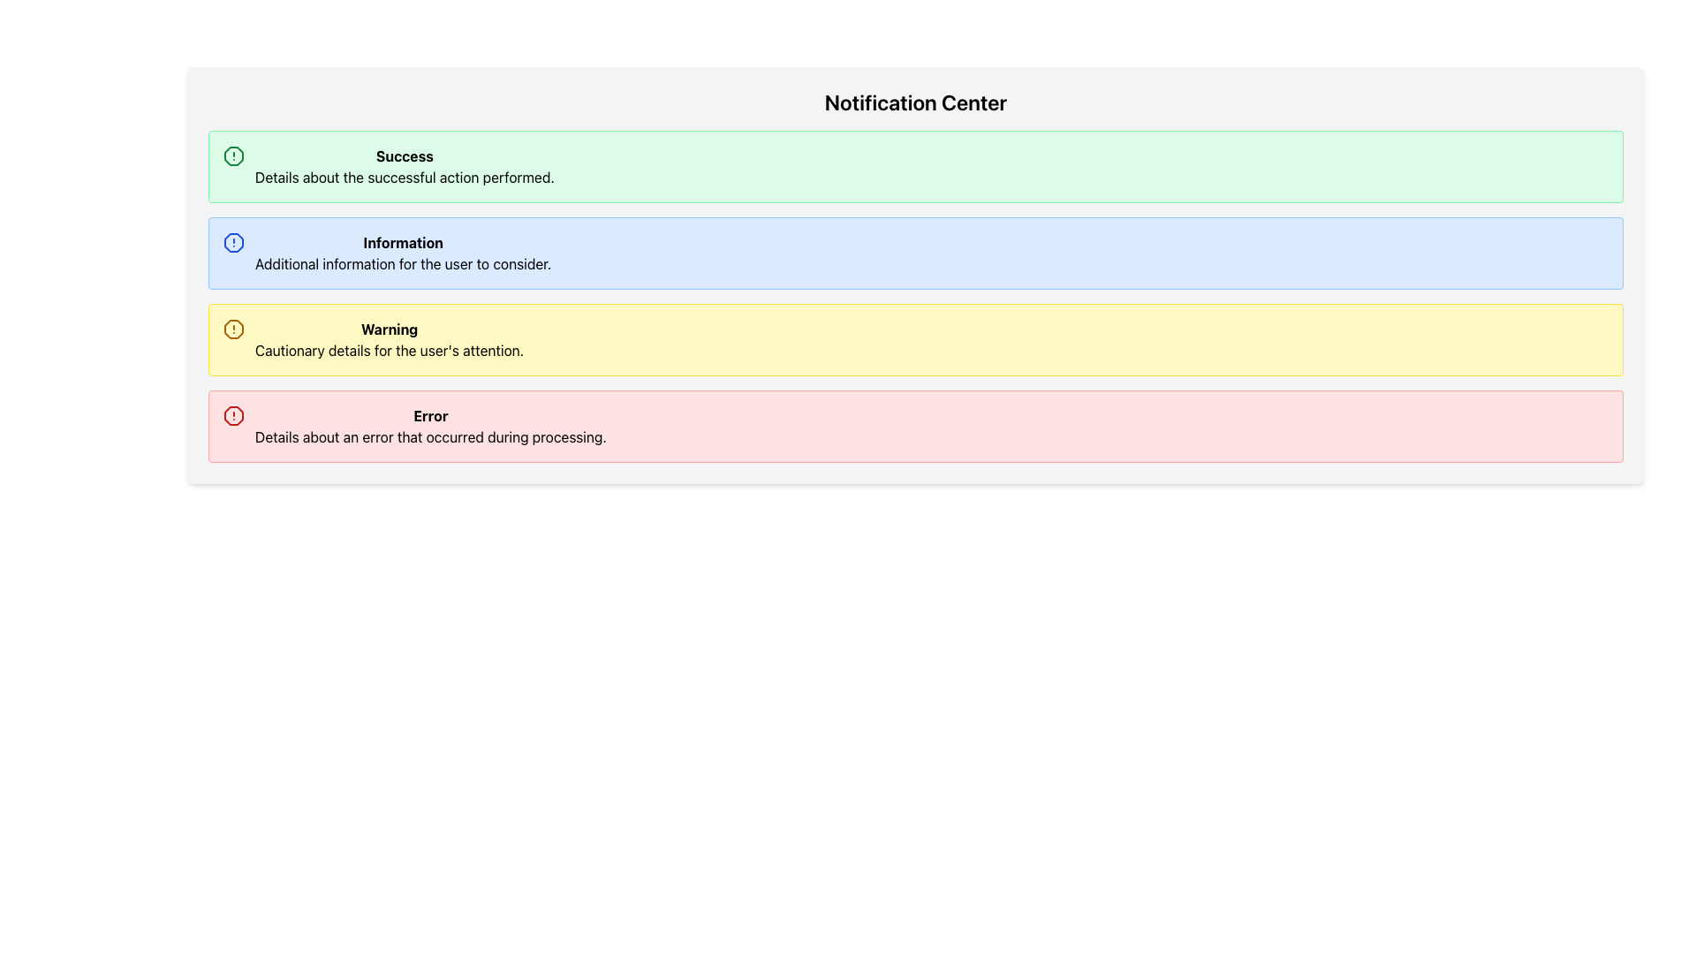 The image size is (1696, 954). What do you see at coordinates (402, 264) in the screenshot?
I see `the text element displaying 'Additional information for the user to consider.' located beneath the bold 'Information' heading in a blue notification box` at bounding box center [402, 264].